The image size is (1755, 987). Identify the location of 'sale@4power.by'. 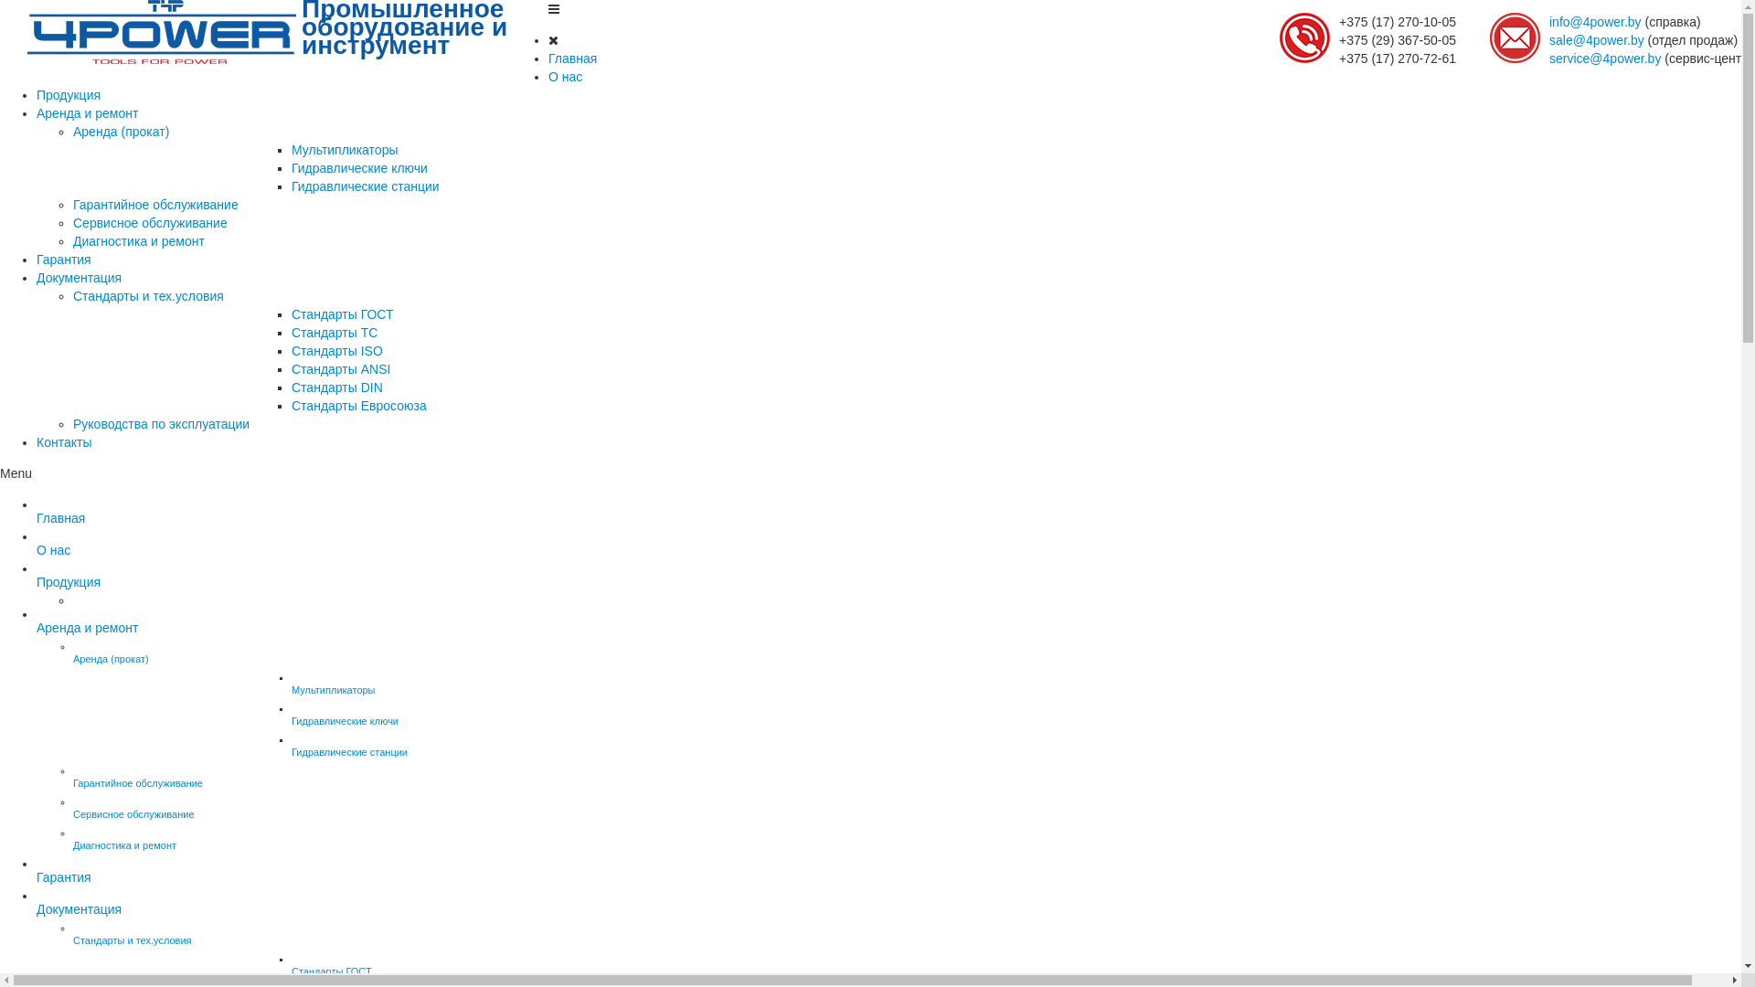
(1596, 39).